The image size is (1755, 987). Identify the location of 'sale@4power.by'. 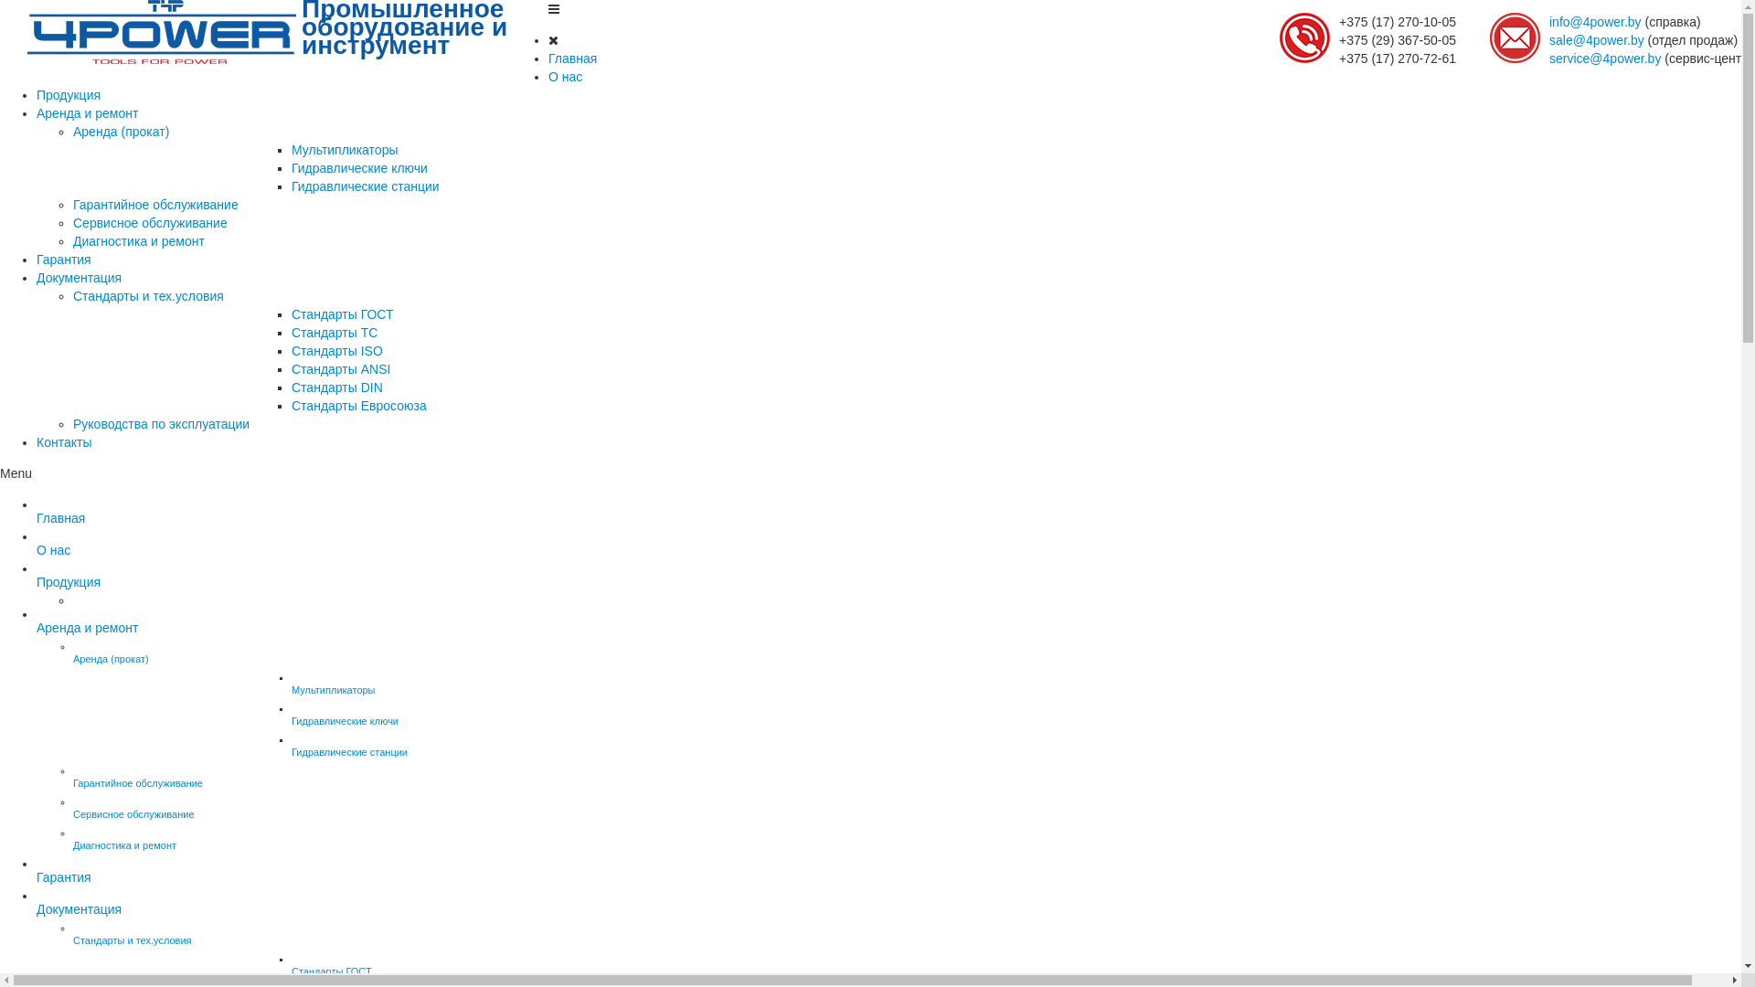
(1596, 39).